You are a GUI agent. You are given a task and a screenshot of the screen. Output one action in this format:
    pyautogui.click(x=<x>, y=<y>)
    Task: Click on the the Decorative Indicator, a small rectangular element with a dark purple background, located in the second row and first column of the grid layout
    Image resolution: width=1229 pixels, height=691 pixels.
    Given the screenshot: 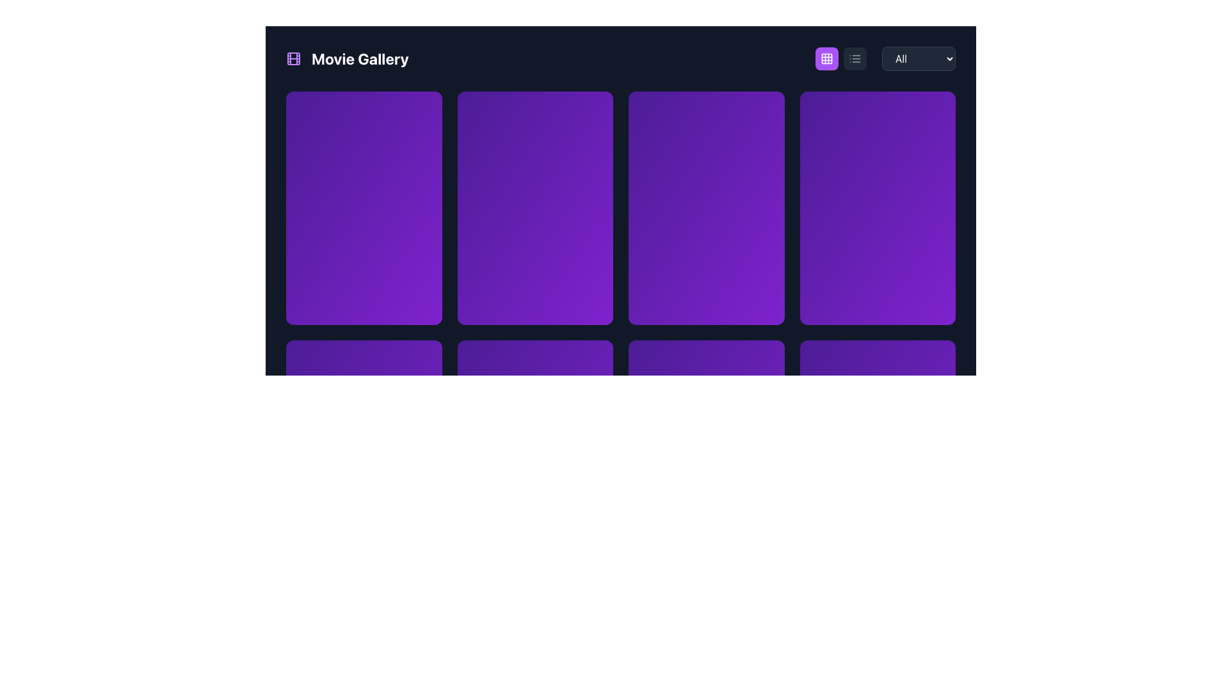 What is the action you would take?
    pyautogui.click(x=363, y=361)
    